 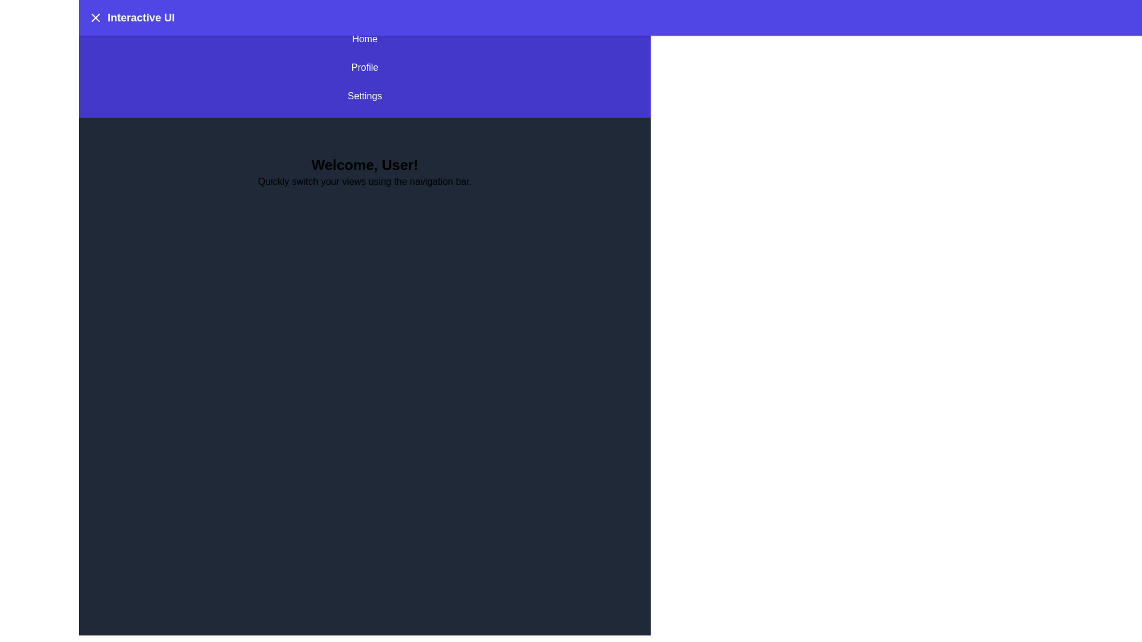 What do you see at coordinates (364, 38) in the screenshot?
I see `the navigation menu item Home` at bounding box center [364, 38].